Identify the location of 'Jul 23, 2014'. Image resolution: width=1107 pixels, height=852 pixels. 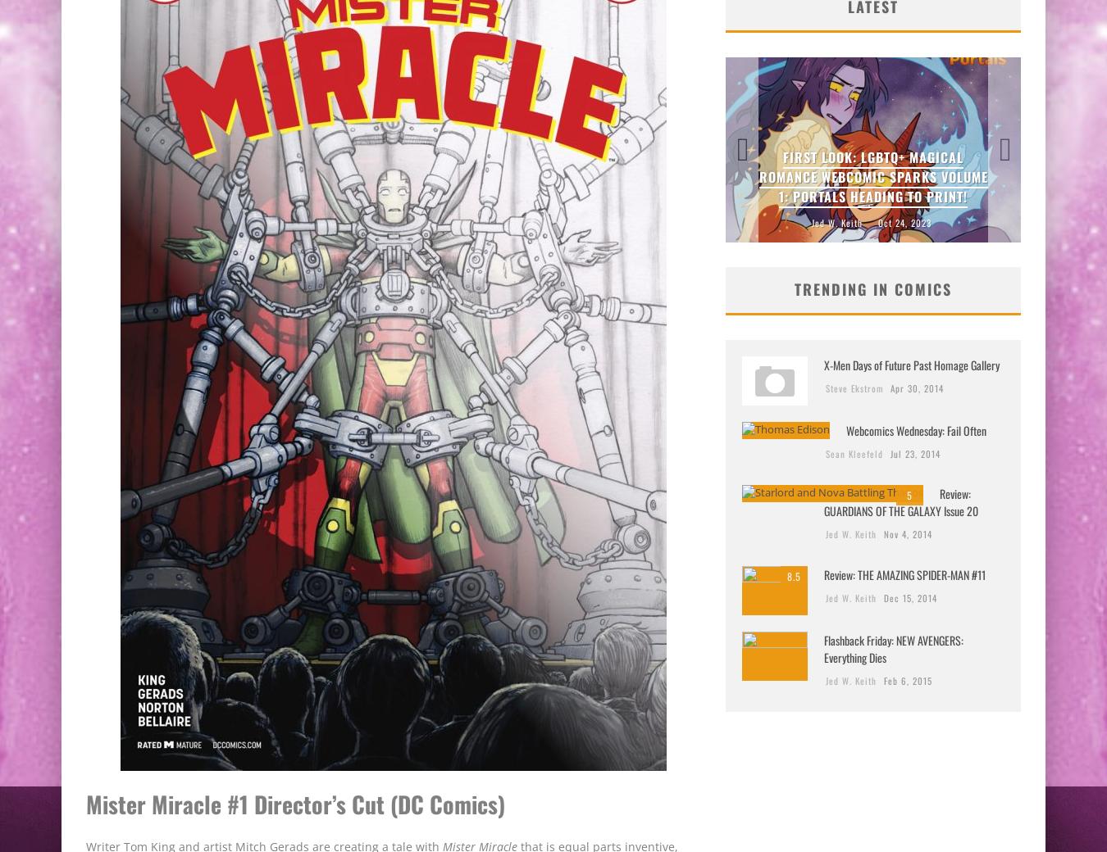
(915, 451).